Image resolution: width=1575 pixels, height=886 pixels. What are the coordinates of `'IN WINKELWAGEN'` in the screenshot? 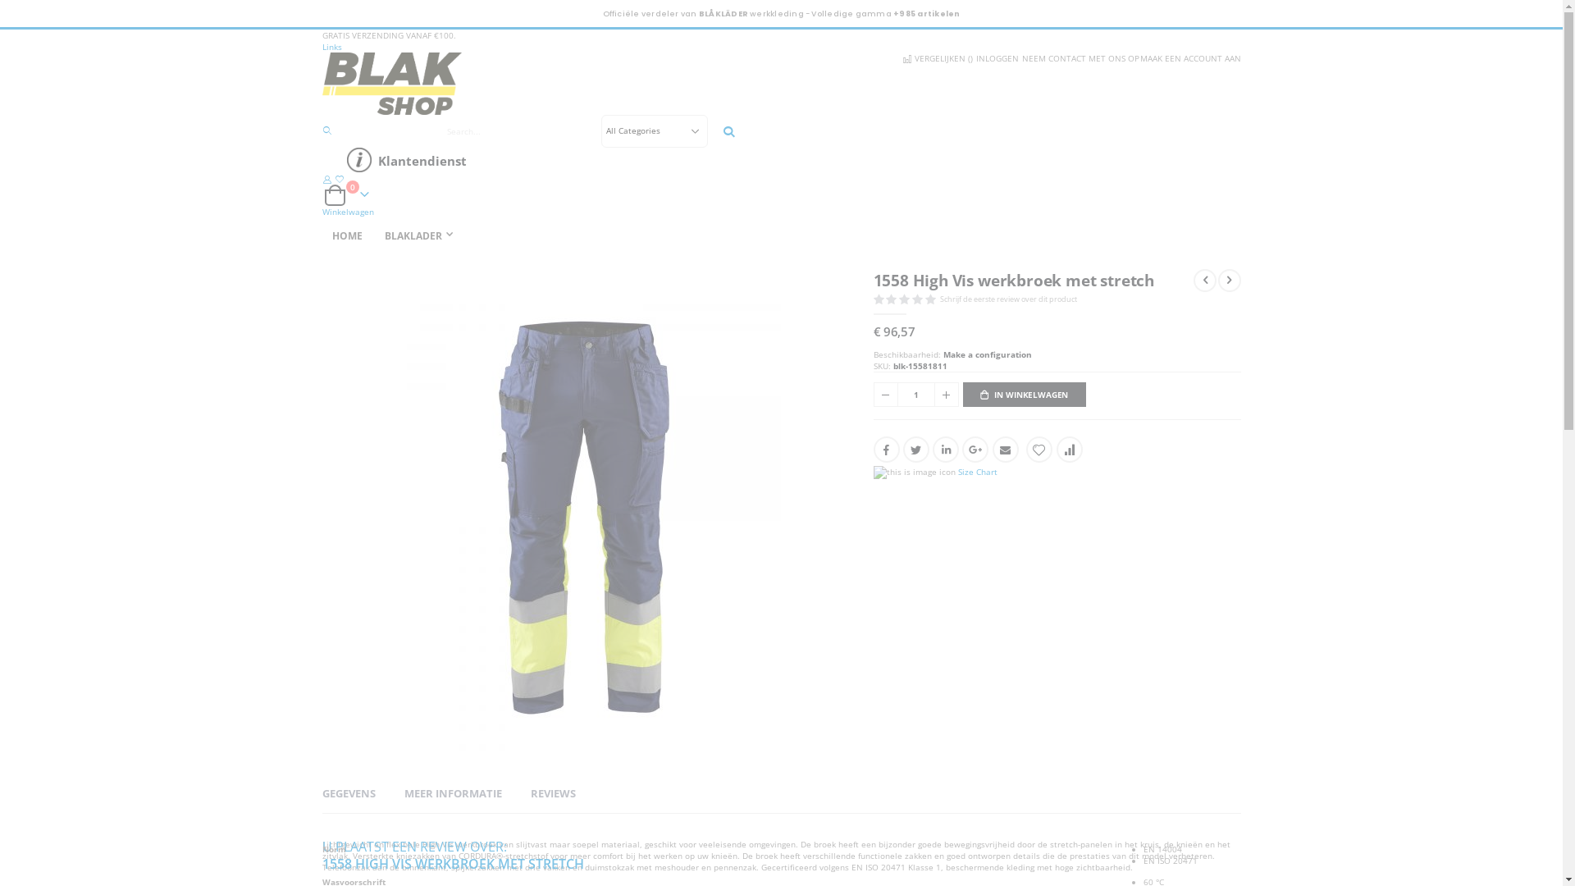 It's located at (1023, 395).